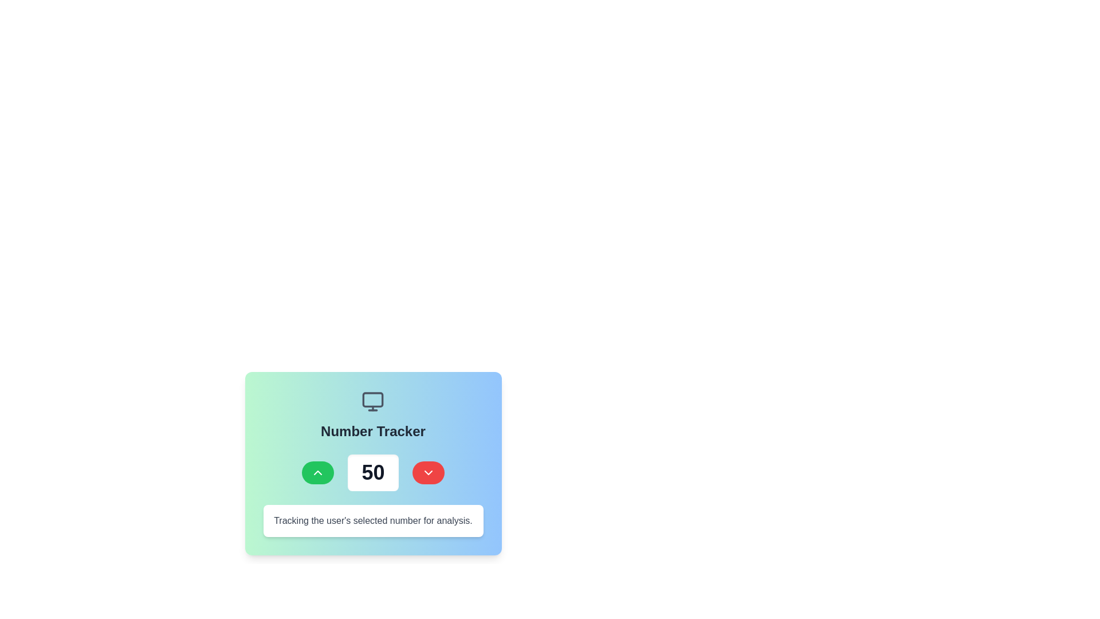  I want to click on the downward-pointing chevron icon with a red background and white lines, located within a button on the right side of the Number Tracker interface, so click(427, 473).